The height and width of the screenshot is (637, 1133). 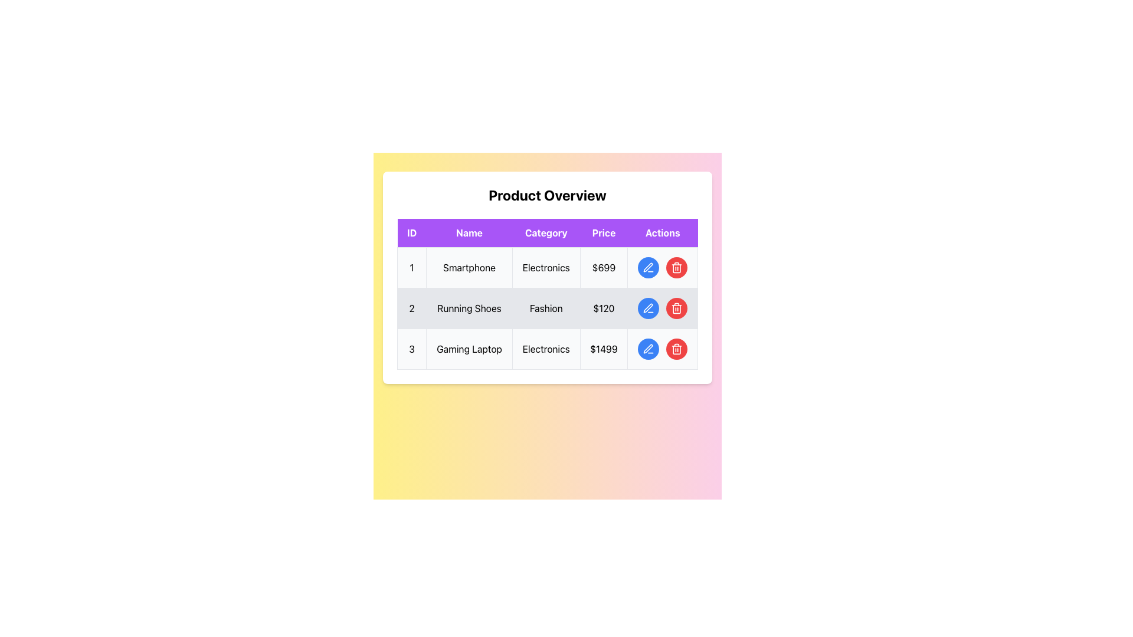 I want to click on the edit icon button in the 'Actions' column for the 'Running Shoes' item, so click(x=648, y=308).